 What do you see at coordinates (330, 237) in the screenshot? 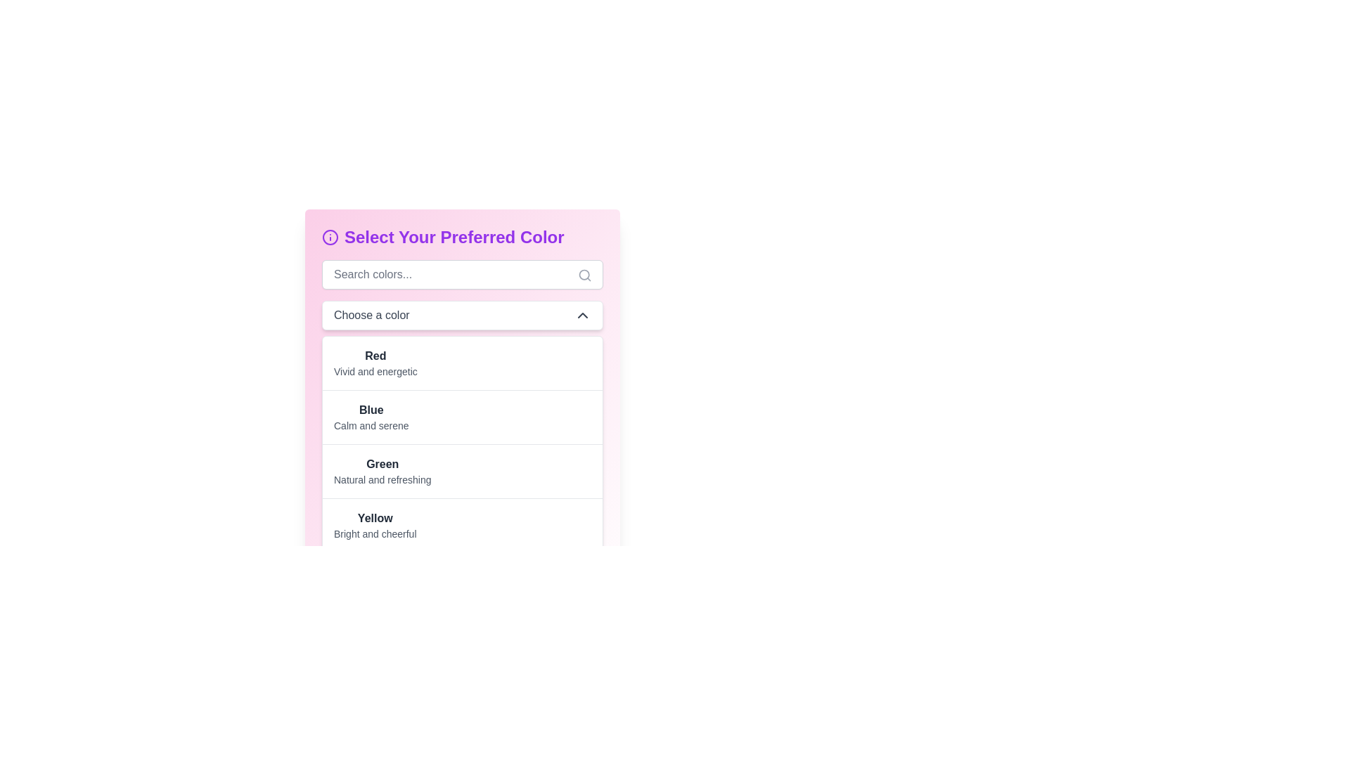
I see `the outermost circle in the graphical representation that signifies information in the 'Select Your Preferred Color' section, located above the search bar` at bounding box center [330, 237].